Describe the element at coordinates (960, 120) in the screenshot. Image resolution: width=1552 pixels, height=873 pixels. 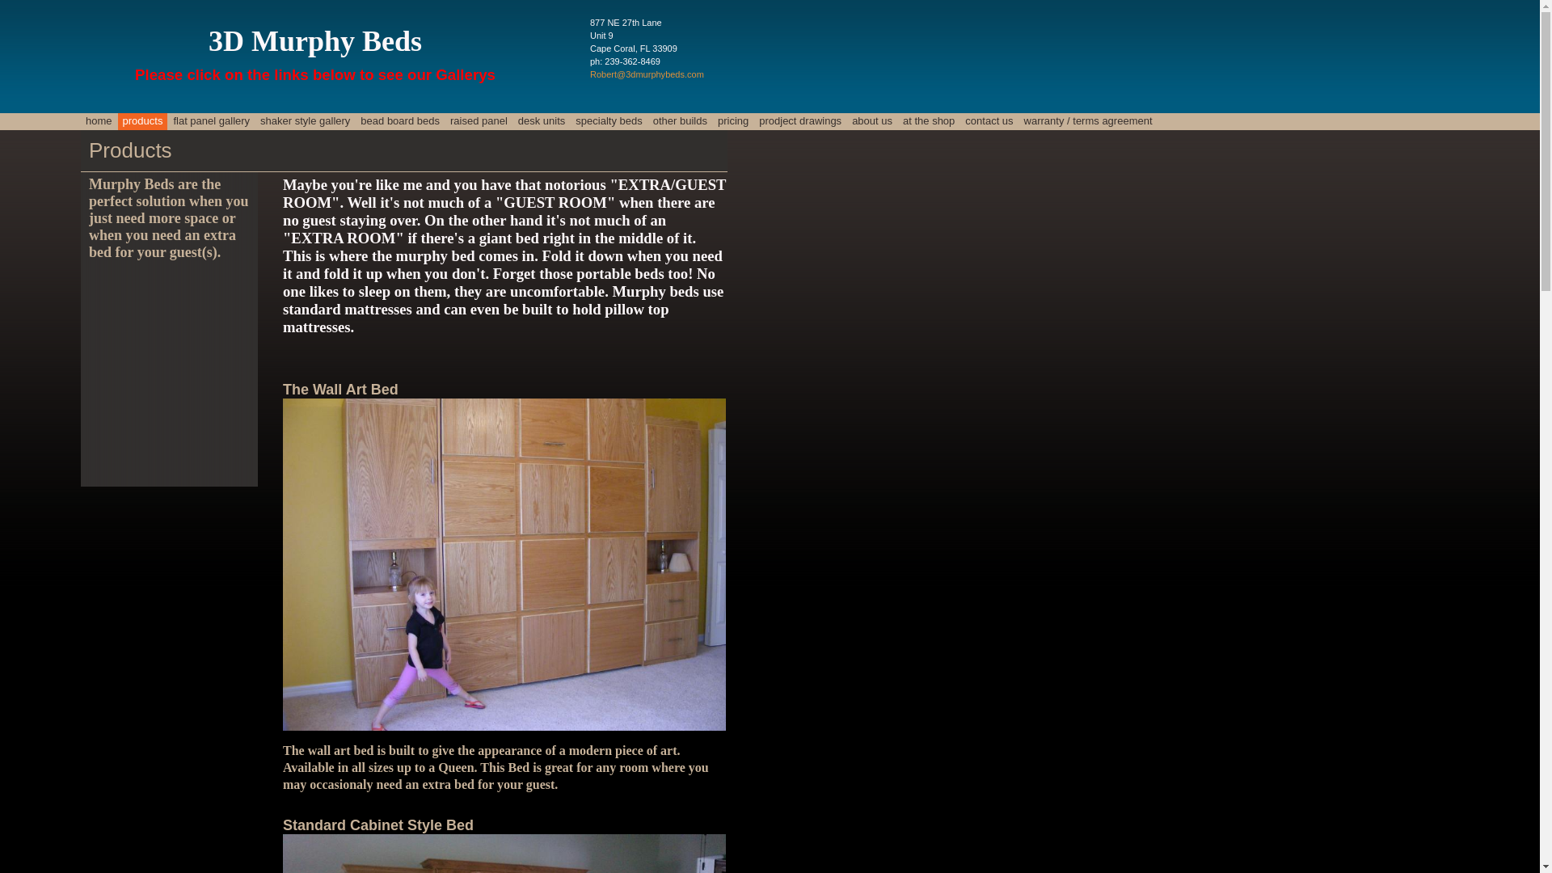
I see `'contact us'` at that location.